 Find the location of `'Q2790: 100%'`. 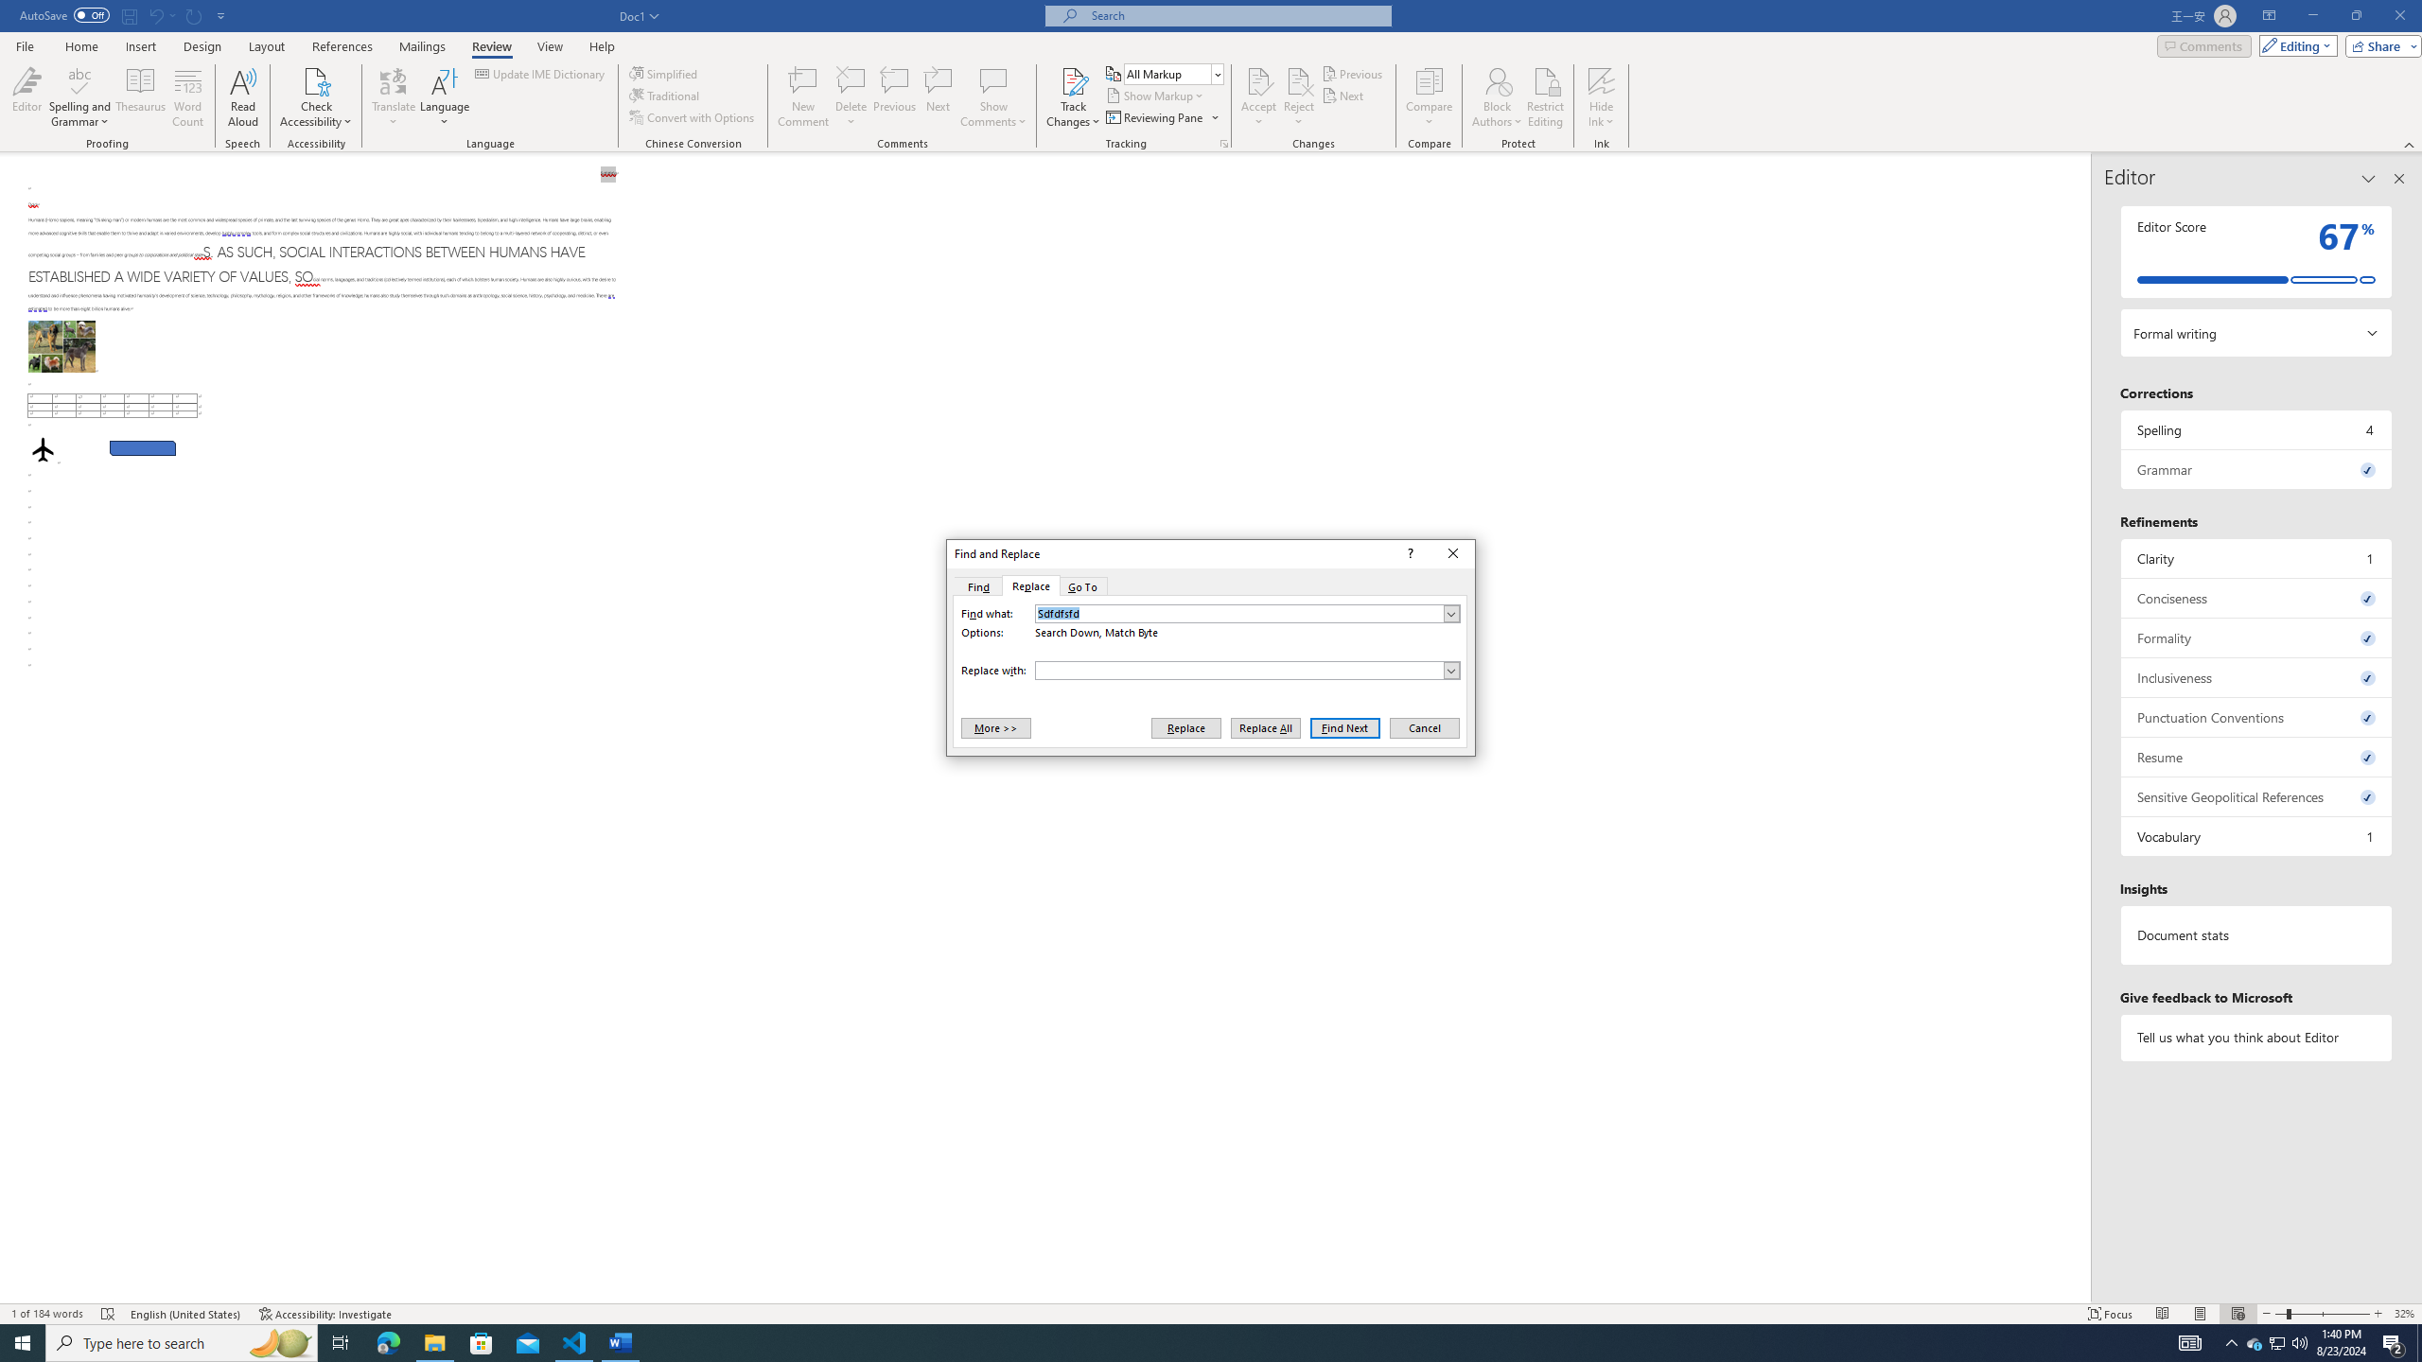

'Q2790: 100%' is located at coordinates (2298, 1341).